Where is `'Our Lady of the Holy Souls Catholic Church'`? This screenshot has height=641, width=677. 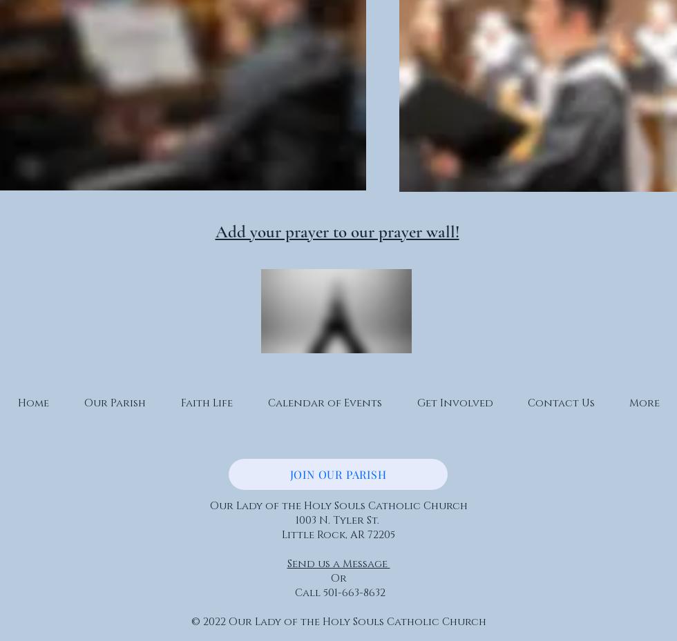
'Our Lady of the Holy Souls Catholic Church' is located at coordinates (338, 506).